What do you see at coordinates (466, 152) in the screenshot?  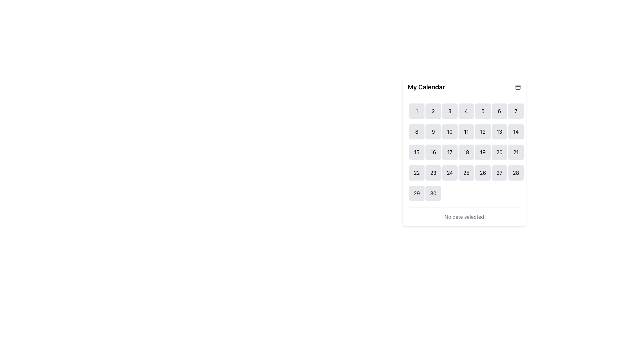 I see `the square button with rounded edges and a gray background containing the number '18'` at bounding box center [466, 152].